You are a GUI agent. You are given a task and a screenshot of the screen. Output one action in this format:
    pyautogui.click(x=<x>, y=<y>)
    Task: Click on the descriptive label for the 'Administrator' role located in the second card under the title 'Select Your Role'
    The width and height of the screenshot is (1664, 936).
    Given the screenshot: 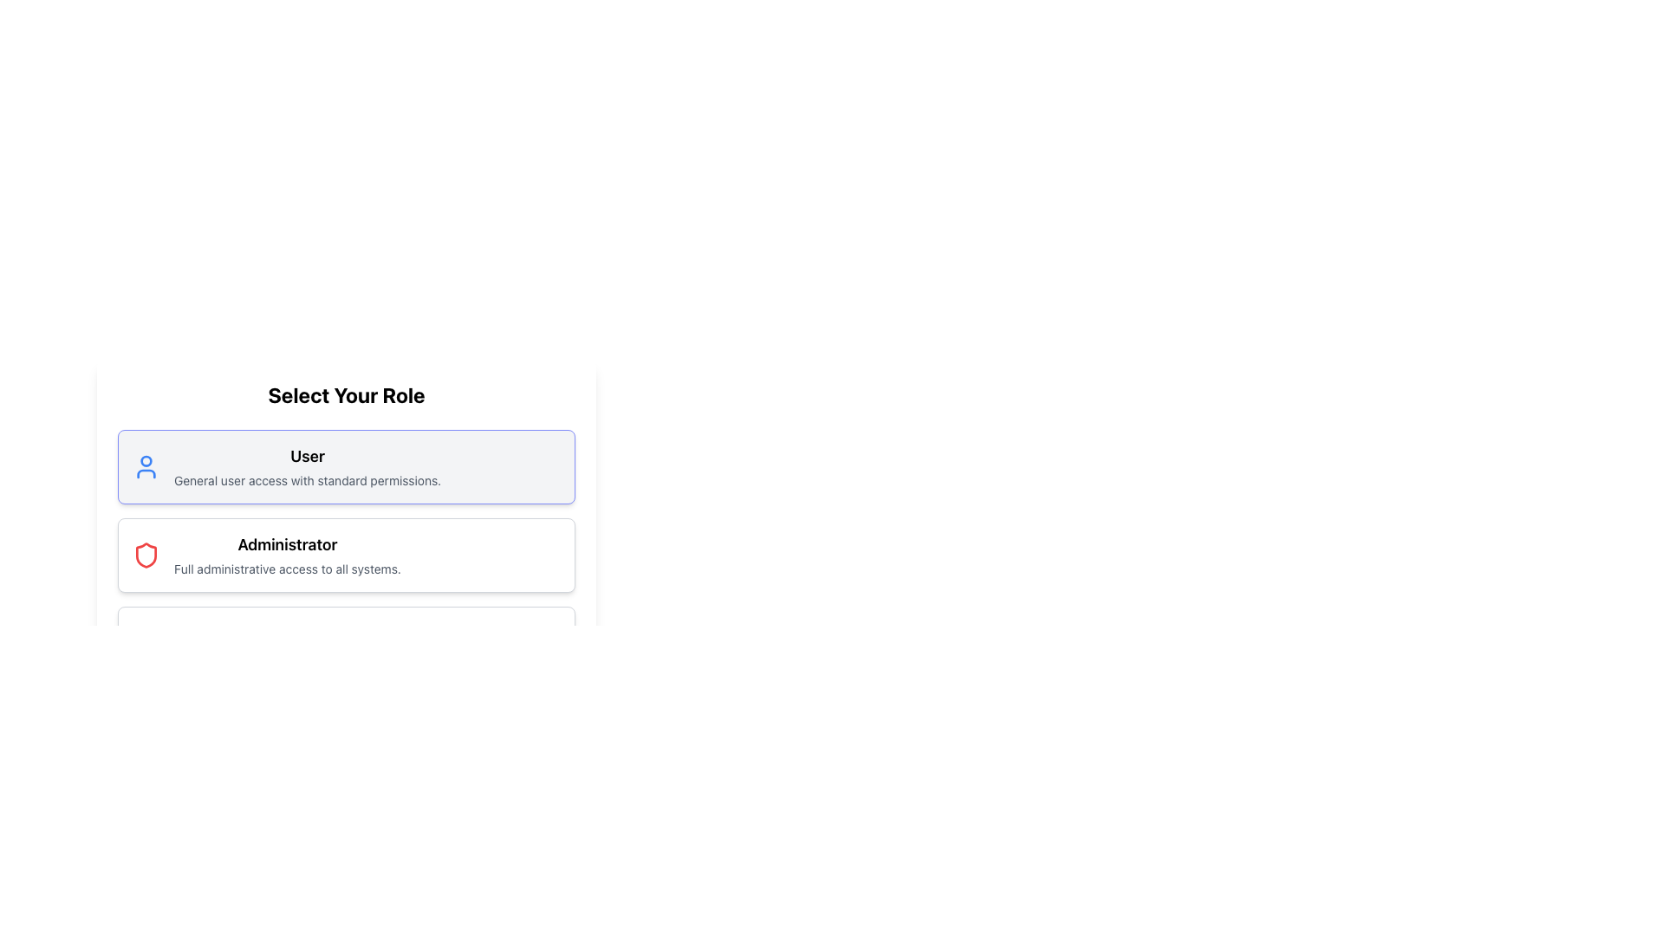 What is the action you would take?
    pyautogui.click(x=287, y=555)
    